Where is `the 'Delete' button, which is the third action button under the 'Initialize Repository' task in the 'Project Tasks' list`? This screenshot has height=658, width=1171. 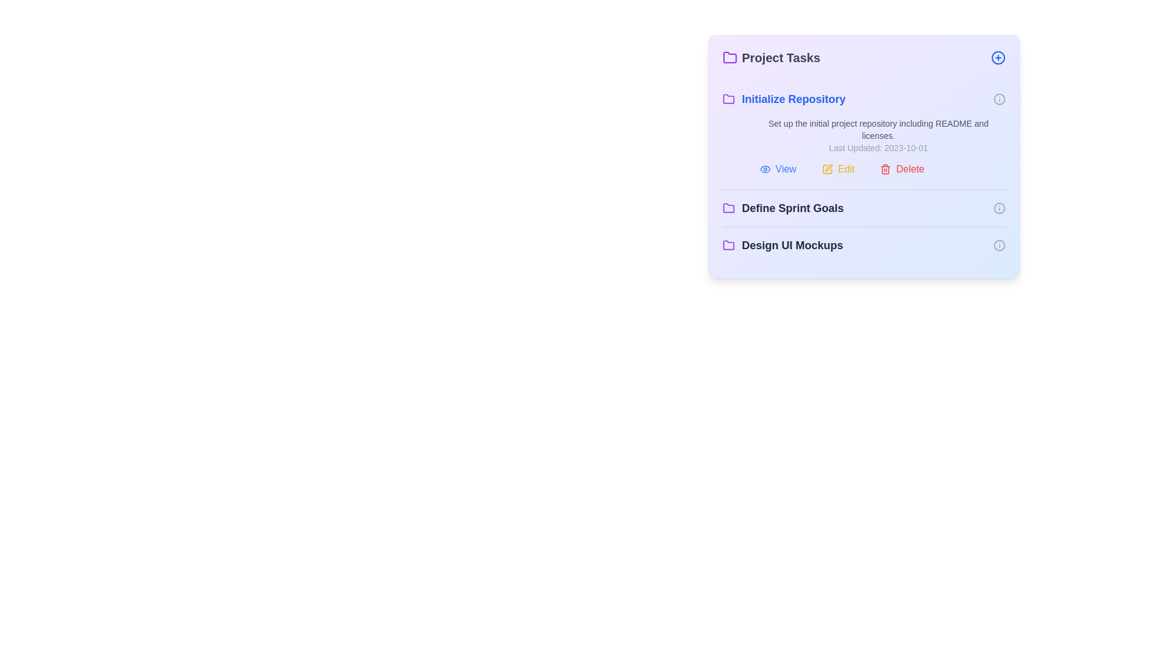
the 'Delete' button, which is the third action button under the 'Initialize Repository' task in the 'Project Tasks' list is located at coordinates (902, 169).